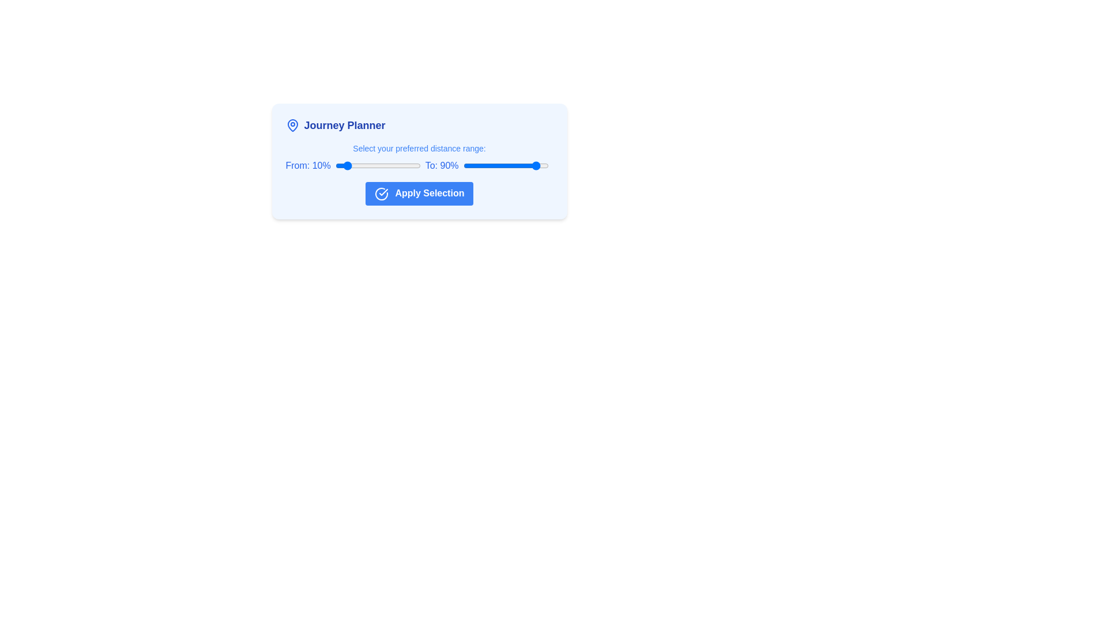  What do you see at coordinates (419, 193) in the screenshot?
I see `the confirm button located at the bottom of the 'Journey Planner' card to apply the selected percentage range settings` at bounding box center [419, 193].